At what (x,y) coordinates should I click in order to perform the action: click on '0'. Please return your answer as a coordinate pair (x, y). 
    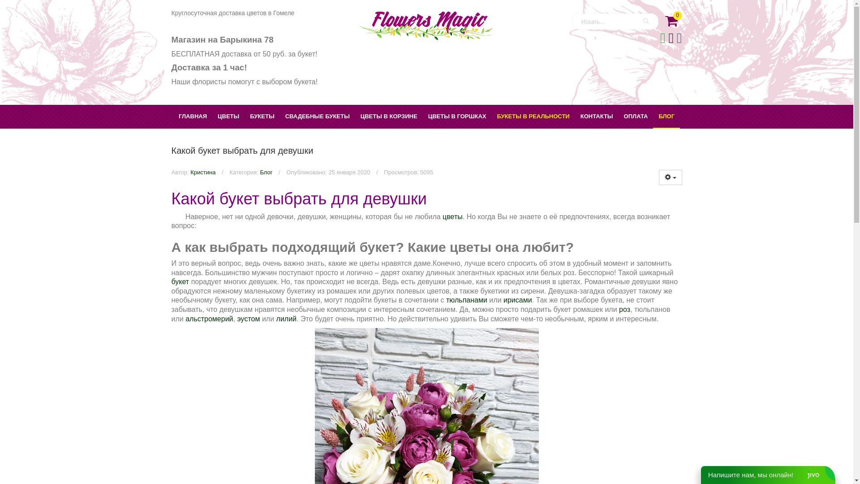
    Looking at the image, I should click on (670, 18).